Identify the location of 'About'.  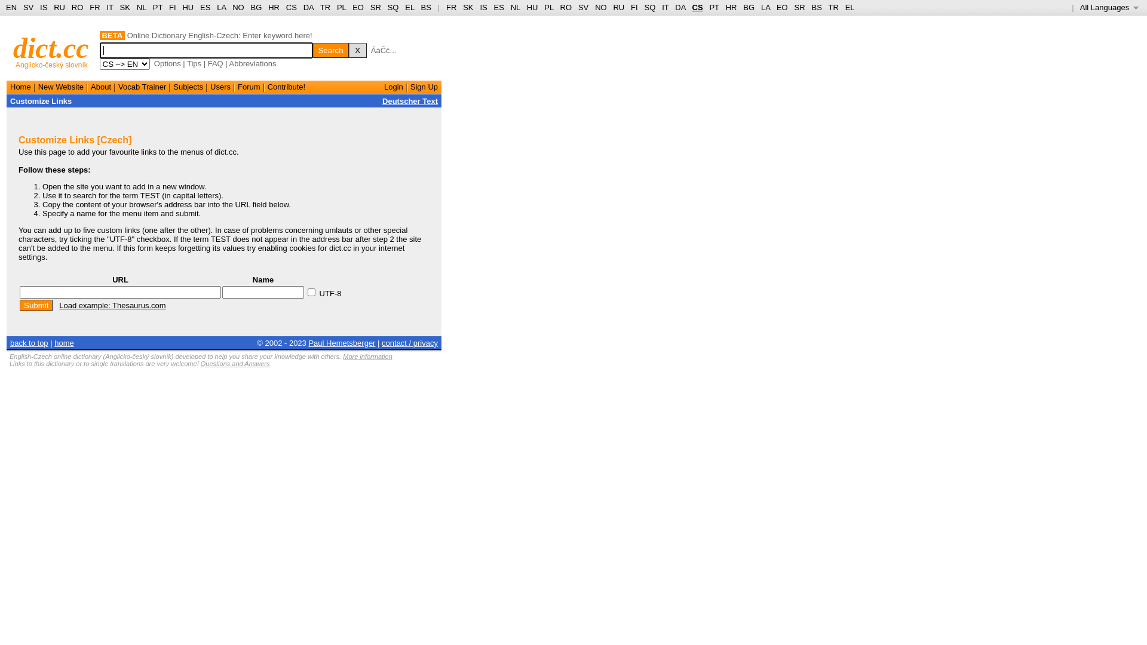
(100, 86).